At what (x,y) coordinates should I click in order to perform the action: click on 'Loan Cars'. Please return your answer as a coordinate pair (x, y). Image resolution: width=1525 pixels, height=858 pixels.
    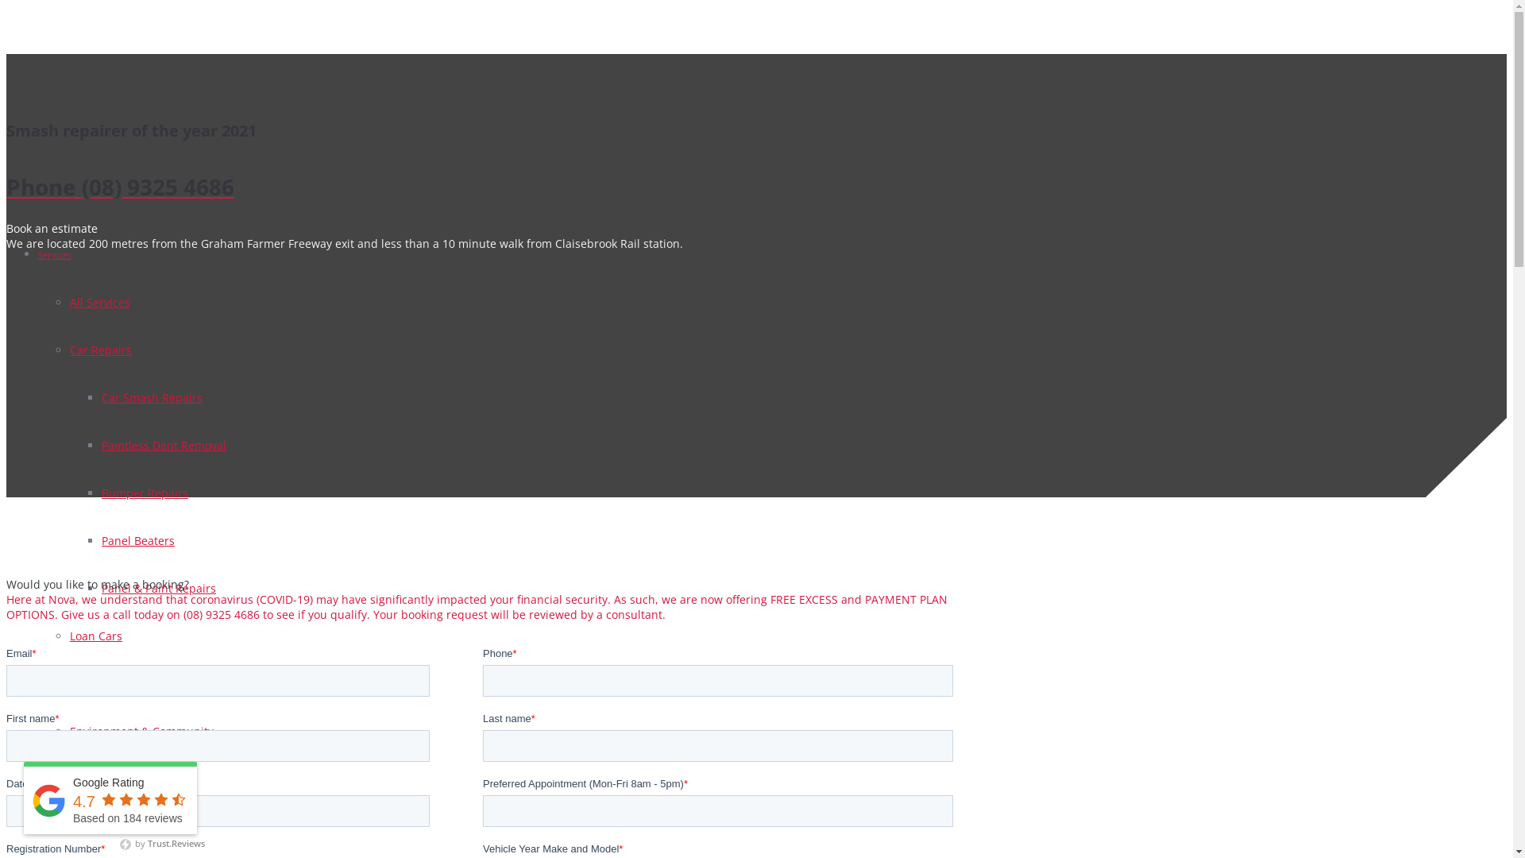
    Looking at the image, I should click on (68, 635).